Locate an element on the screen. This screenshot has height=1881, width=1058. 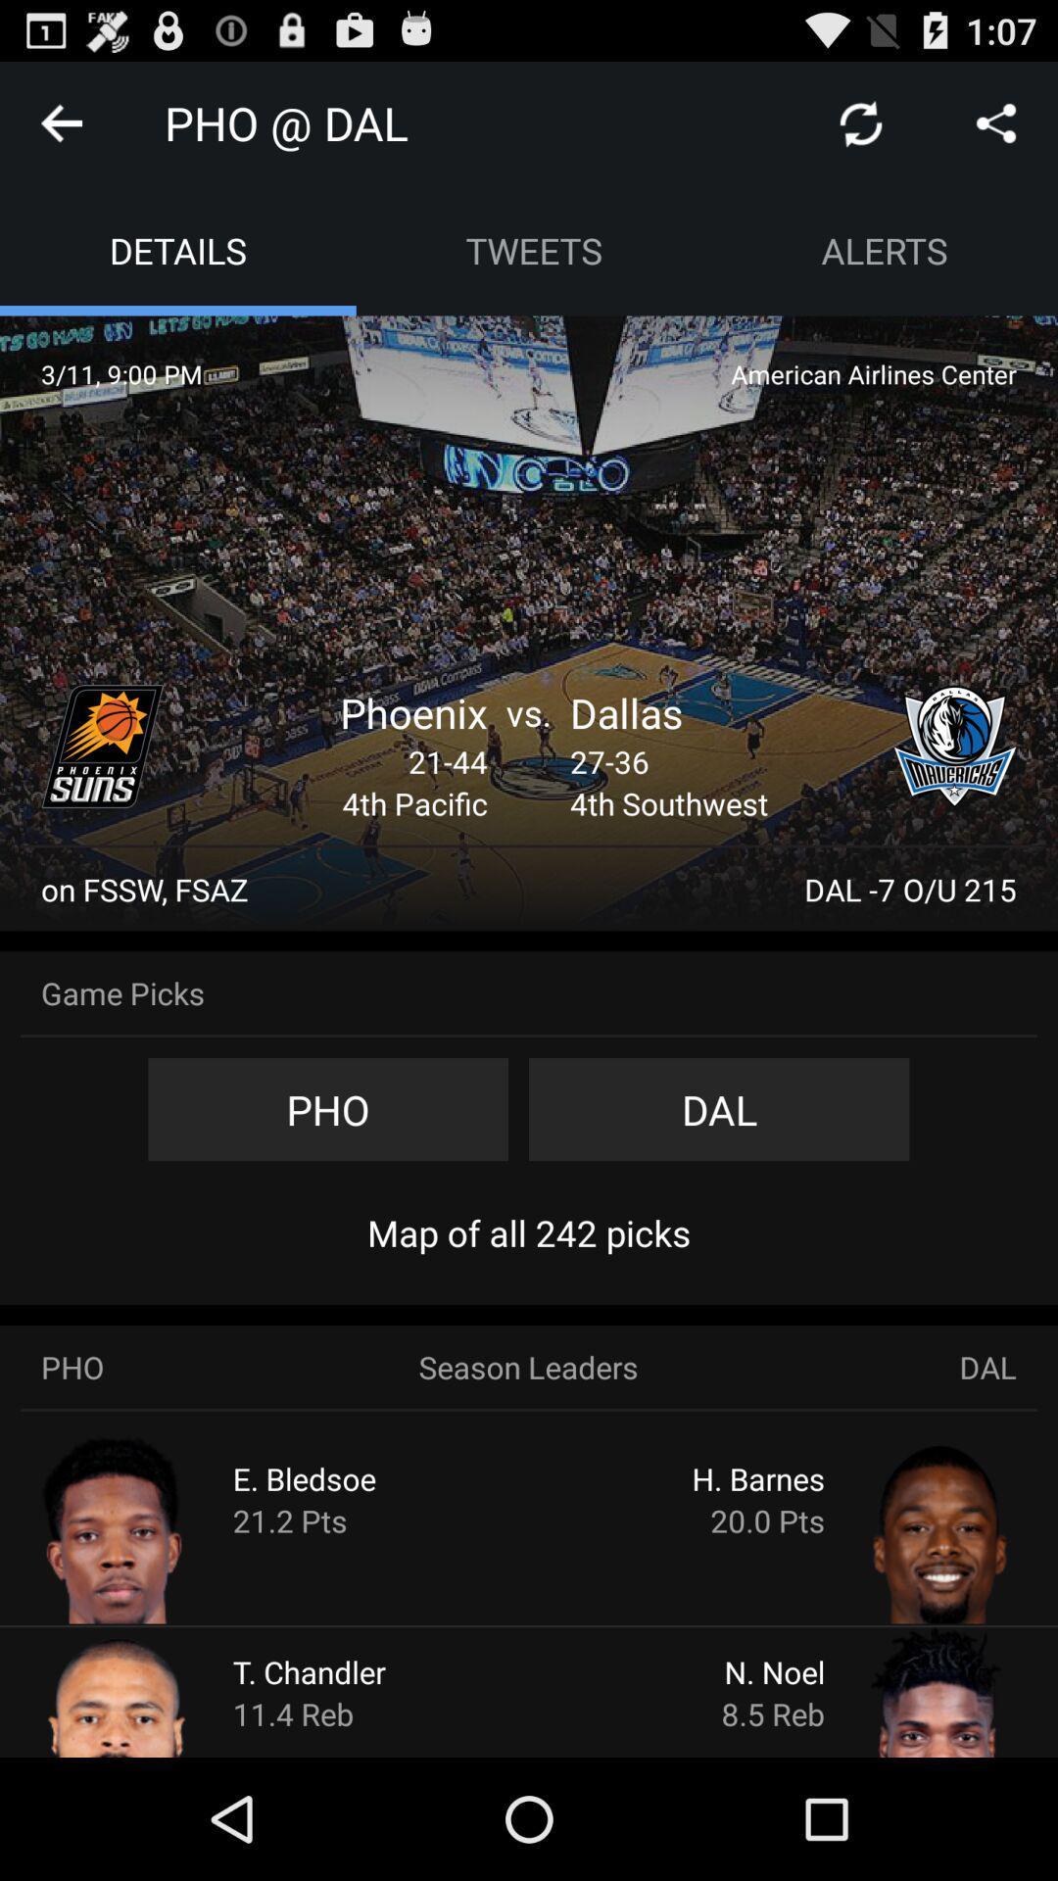
player record is located at coordinates (153, 1527).